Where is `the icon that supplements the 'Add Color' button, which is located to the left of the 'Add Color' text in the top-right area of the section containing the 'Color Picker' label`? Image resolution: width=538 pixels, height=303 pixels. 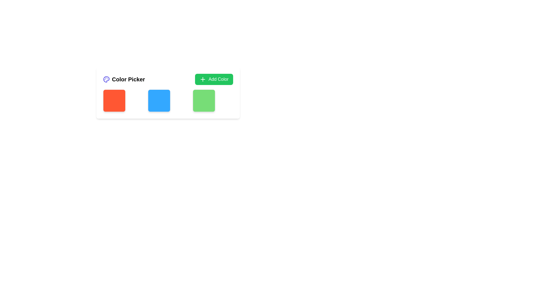 the icon that supplements the 'Add Color' button, which is located to the left of the 'Add Color' text in the top-right area of the section containing the 'Color Picker' label is located at coordinates (203, 79).